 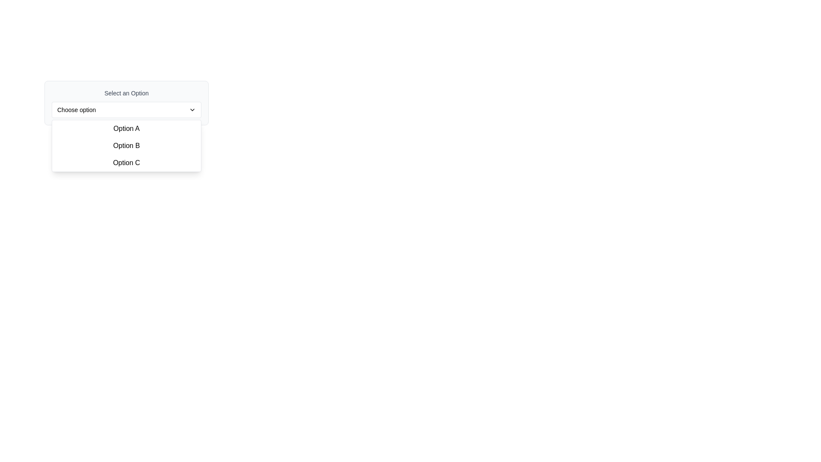 I want to click on the dropdown menu labeled 'Choose option', so click(x=126, y=110).